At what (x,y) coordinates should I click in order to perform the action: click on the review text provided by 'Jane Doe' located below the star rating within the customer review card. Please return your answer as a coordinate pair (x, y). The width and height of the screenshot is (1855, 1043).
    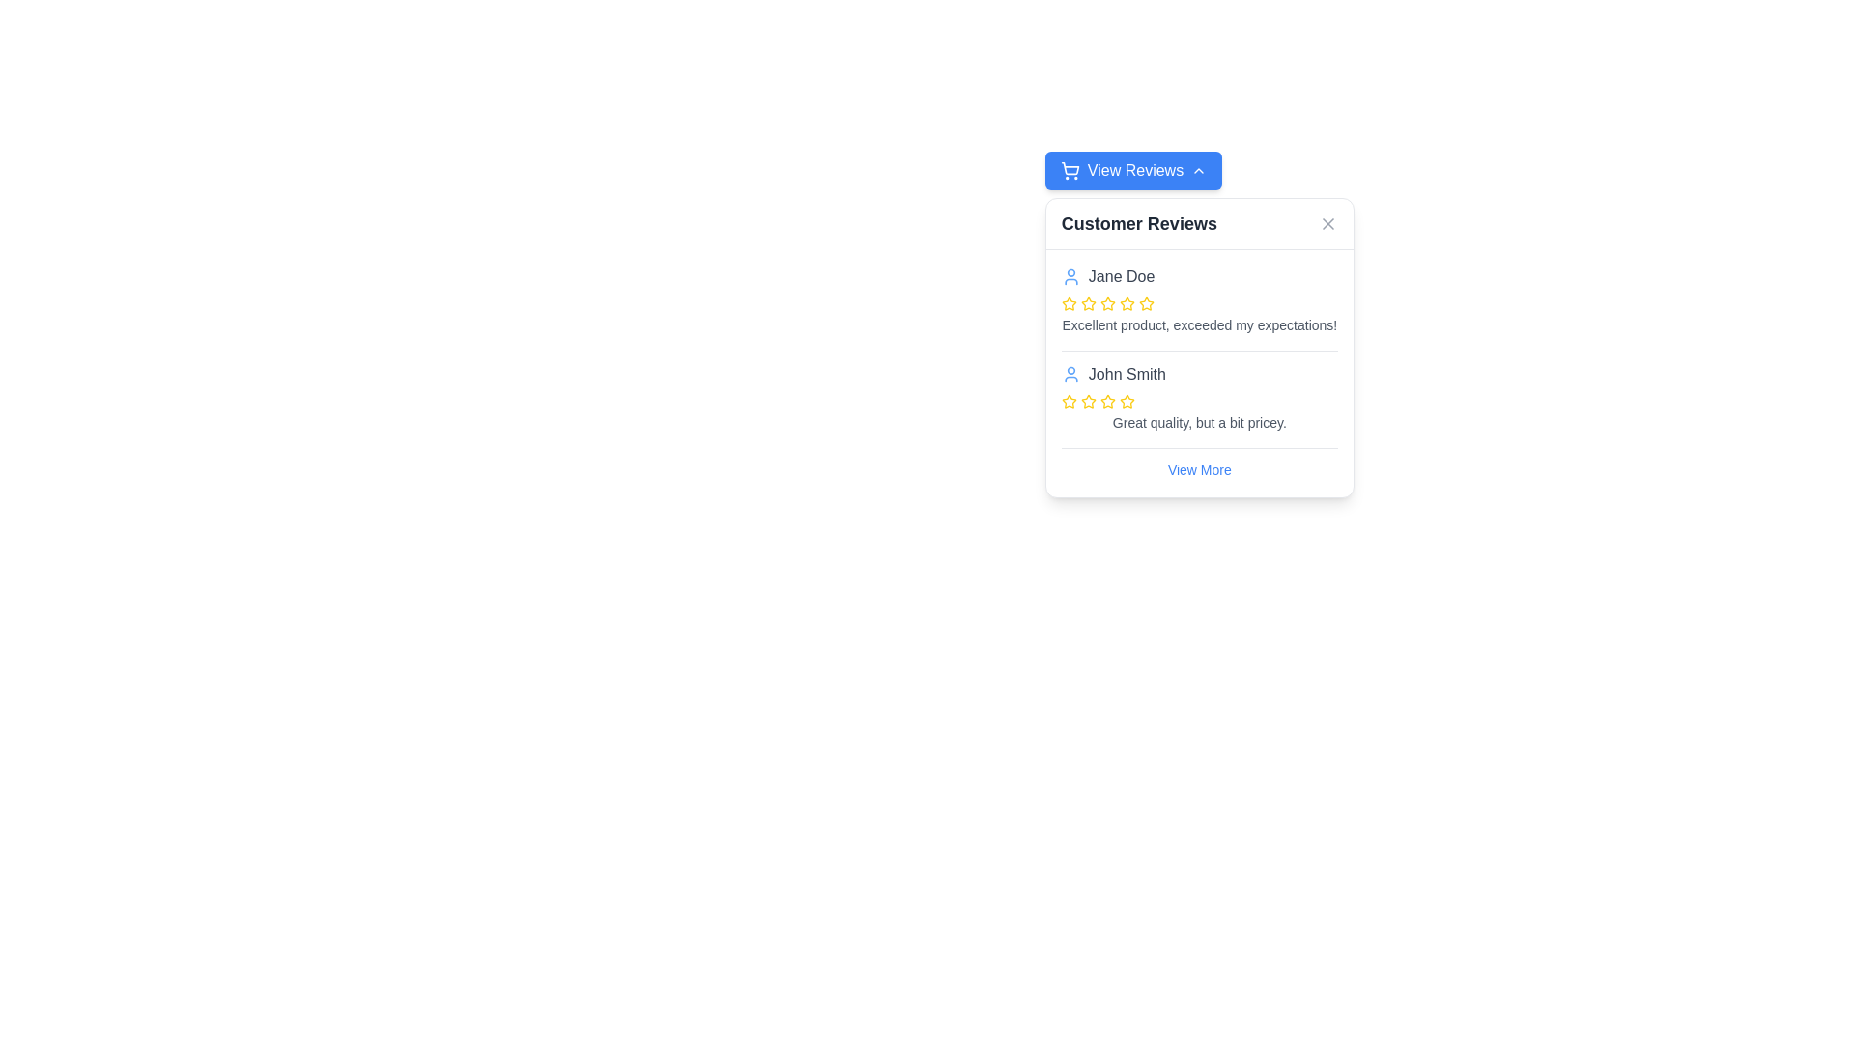
    Looking at the image, I should click on (1198, 324).